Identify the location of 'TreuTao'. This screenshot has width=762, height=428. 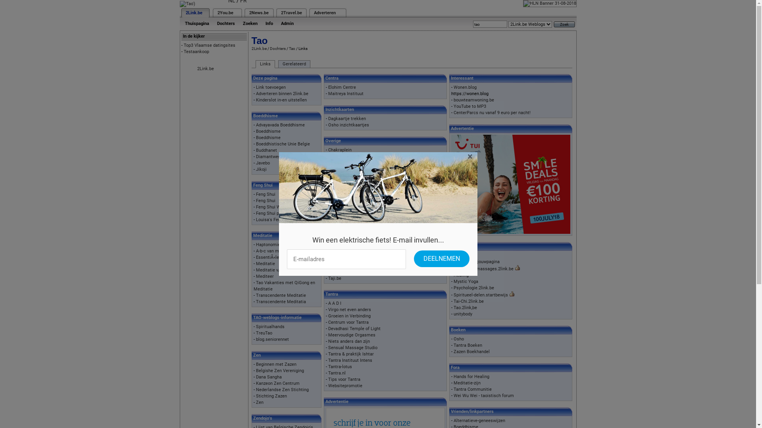
(264, 333).